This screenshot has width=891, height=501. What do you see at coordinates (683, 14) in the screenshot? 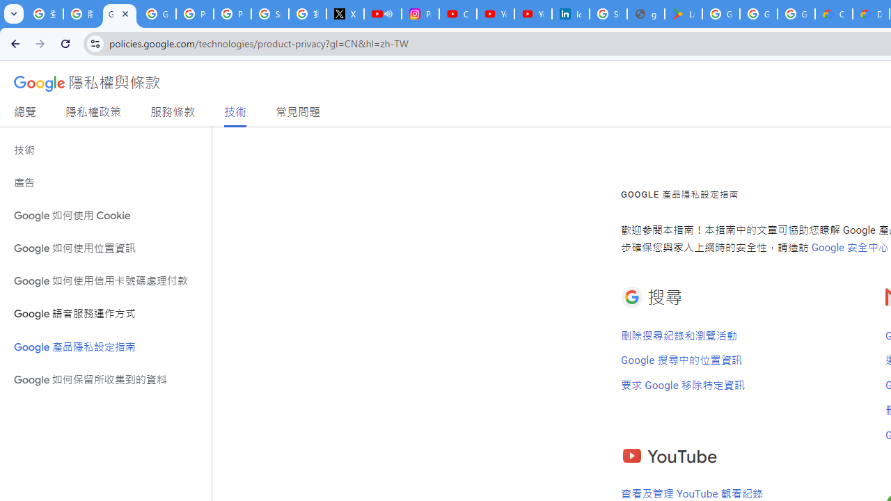
I see `'Last Shelter: Survival - Apps on Google Play'` at bounding box center [683, 14].